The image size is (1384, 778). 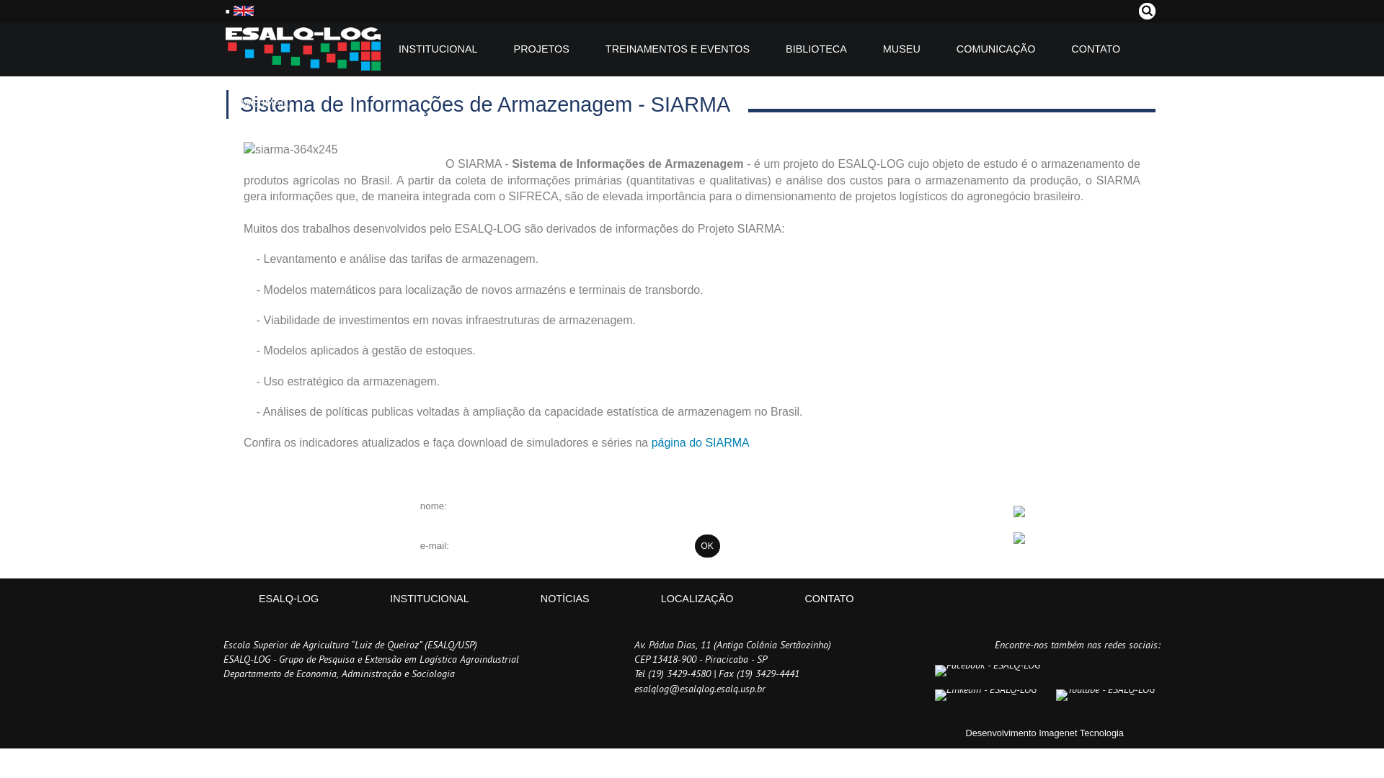 I want to click on 'MUSEU', so click(x=901, y=48).